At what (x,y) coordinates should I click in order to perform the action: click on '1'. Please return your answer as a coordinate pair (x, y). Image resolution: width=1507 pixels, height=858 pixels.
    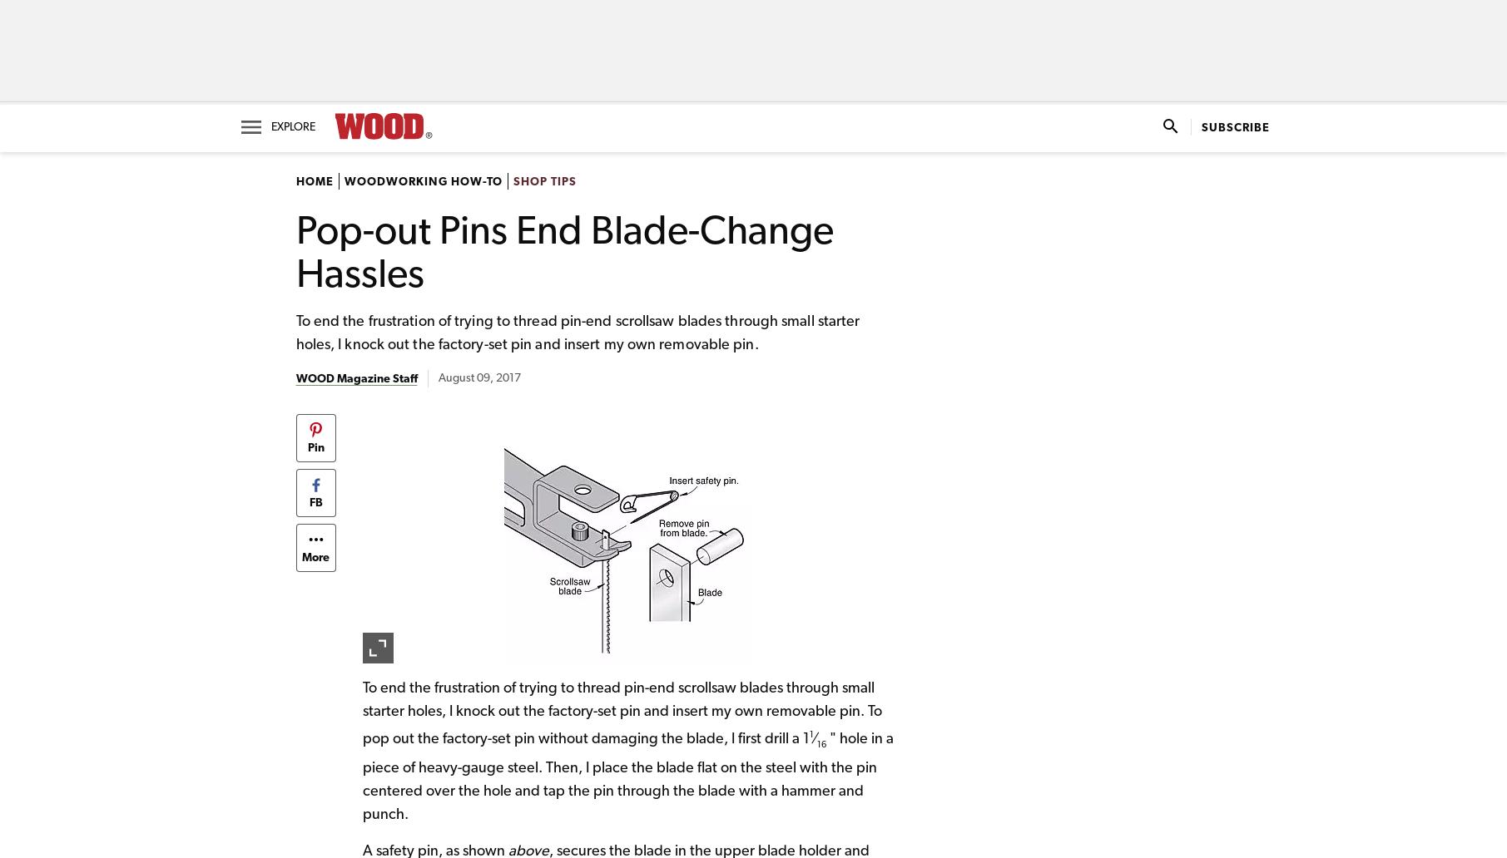
    Looking at the image, I should click on (810, 734).